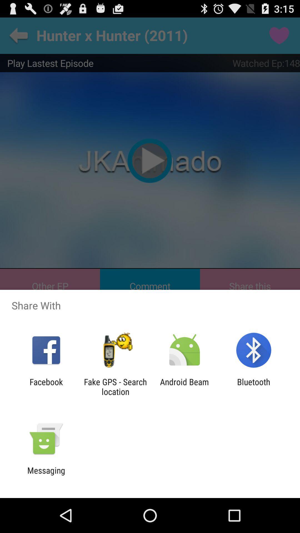 The height and width of the screenshot is (533, 300). What do you see at coordinates (115, 386) in the screenshot?
I see `the app next to android beam item` at bounding box center [115, 386].